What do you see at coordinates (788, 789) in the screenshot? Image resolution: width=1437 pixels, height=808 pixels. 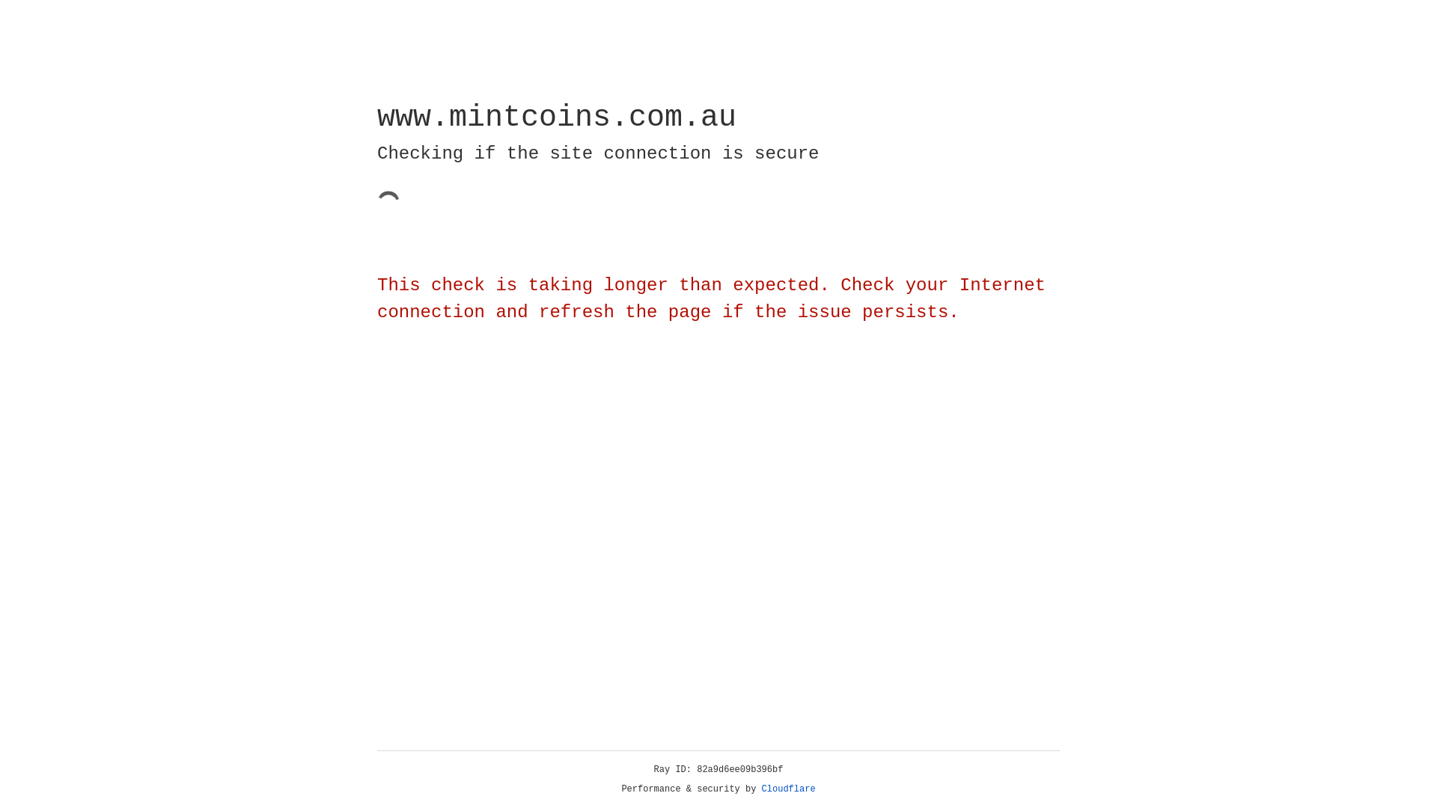 I see `'Cloudflare'` at bounding box center [788, 789].